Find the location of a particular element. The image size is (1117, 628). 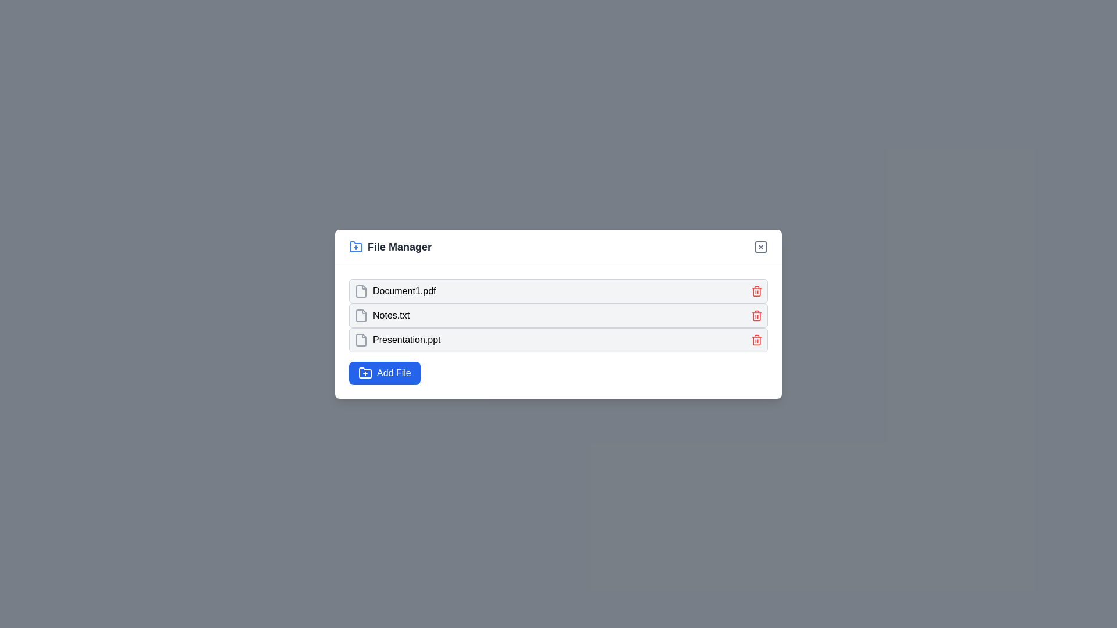

the text label indicating the file name 'Presentation.ppt' in the third row of the file list is located at coordinates (397, 340).